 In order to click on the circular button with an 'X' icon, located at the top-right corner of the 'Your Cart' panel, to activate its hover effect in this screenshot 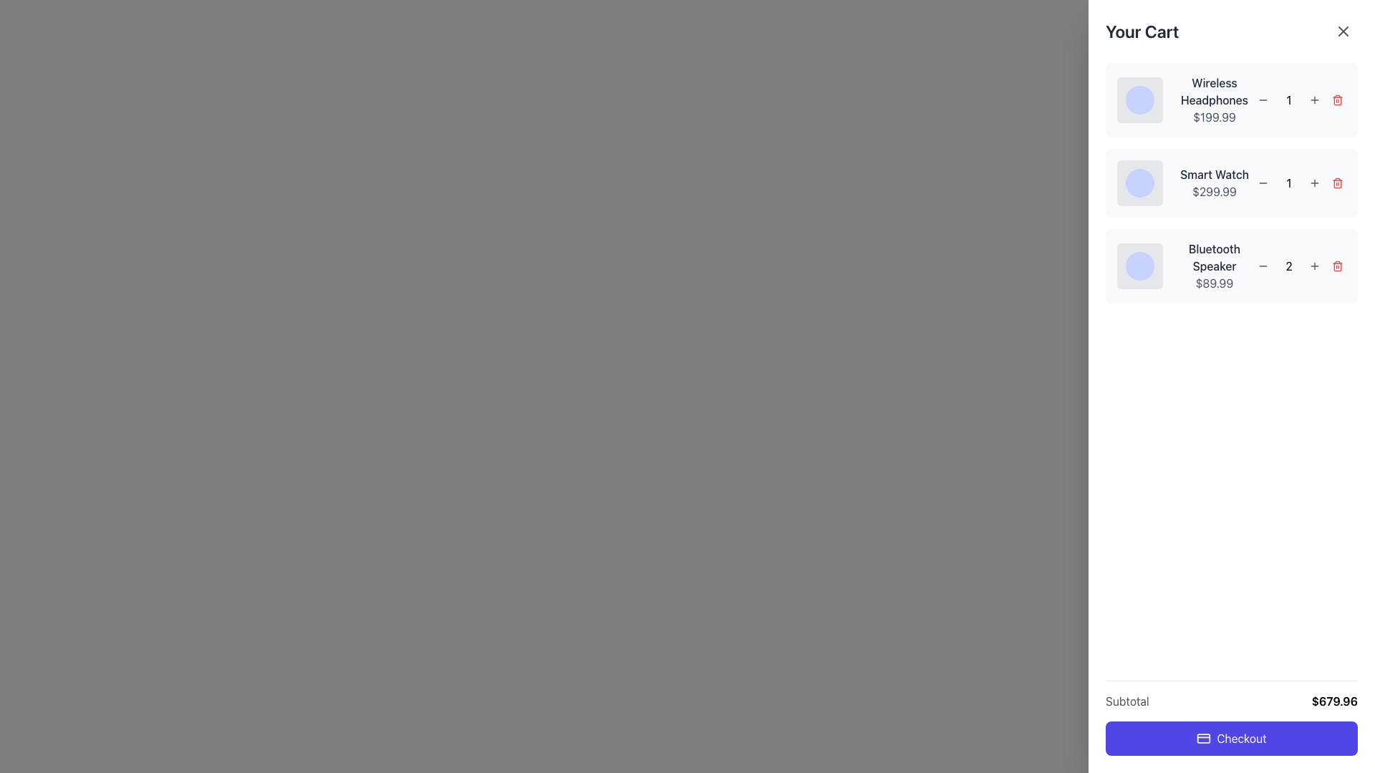, I will do `click(1343, 31)`.